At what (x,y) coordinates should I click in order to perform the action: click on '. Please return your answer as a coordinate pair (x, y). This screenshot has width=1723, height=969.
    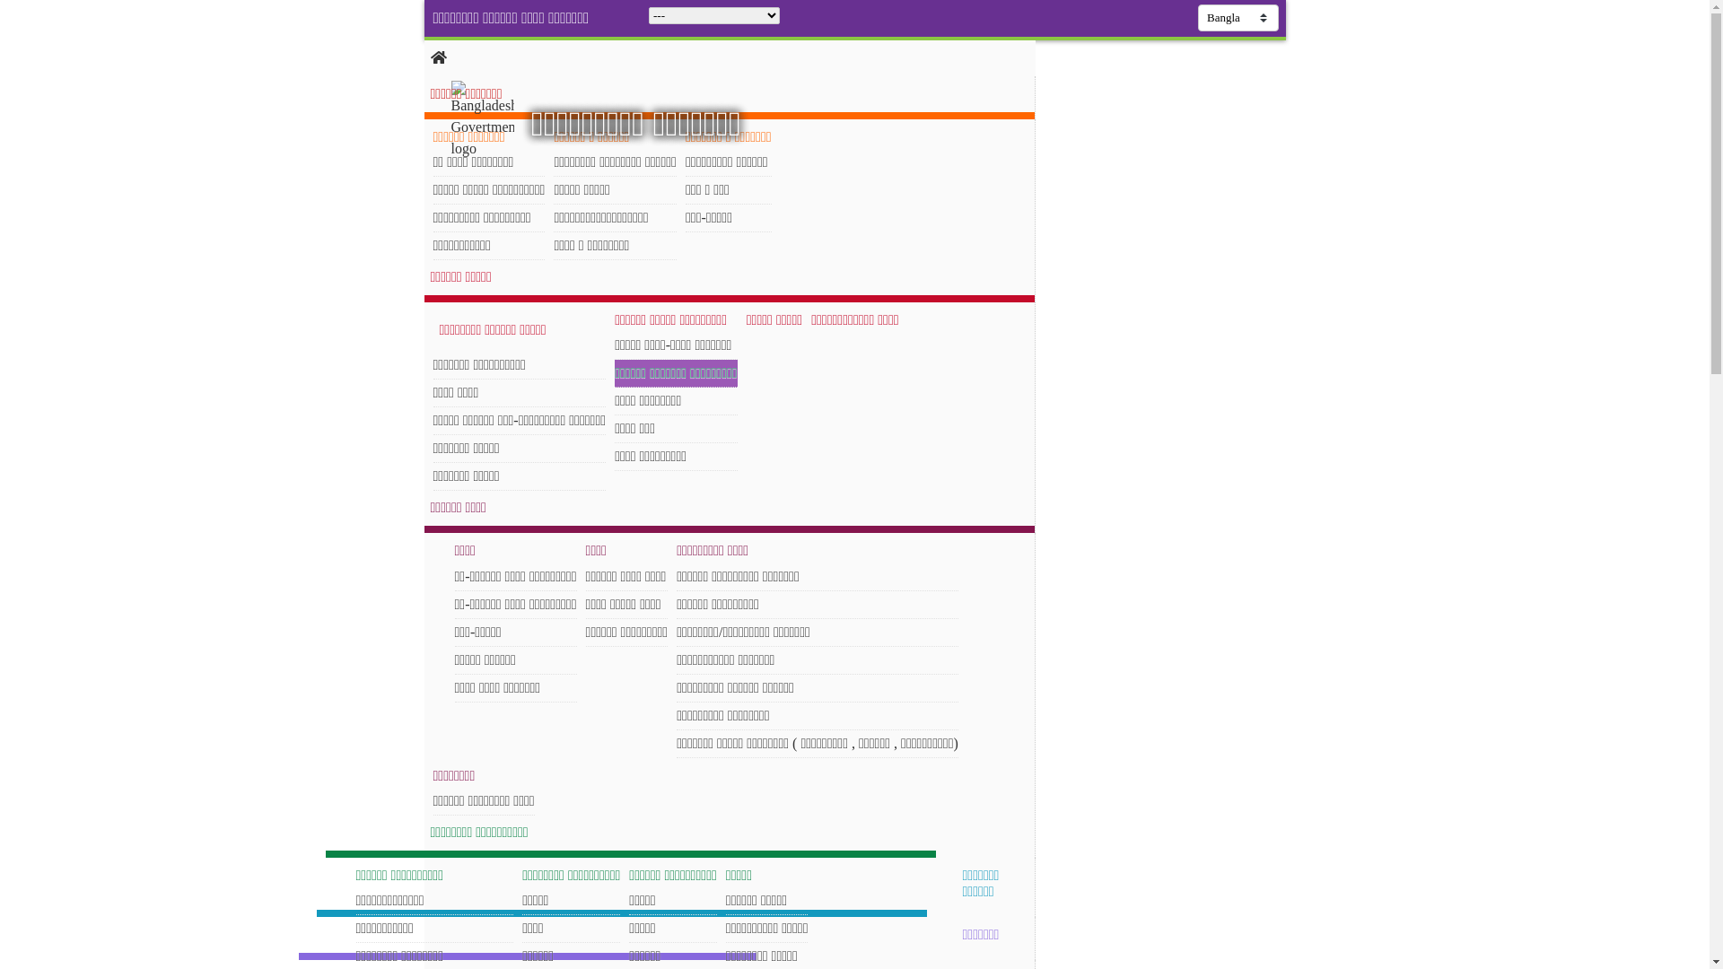
    Looking at the image, I should click on (450, 120).